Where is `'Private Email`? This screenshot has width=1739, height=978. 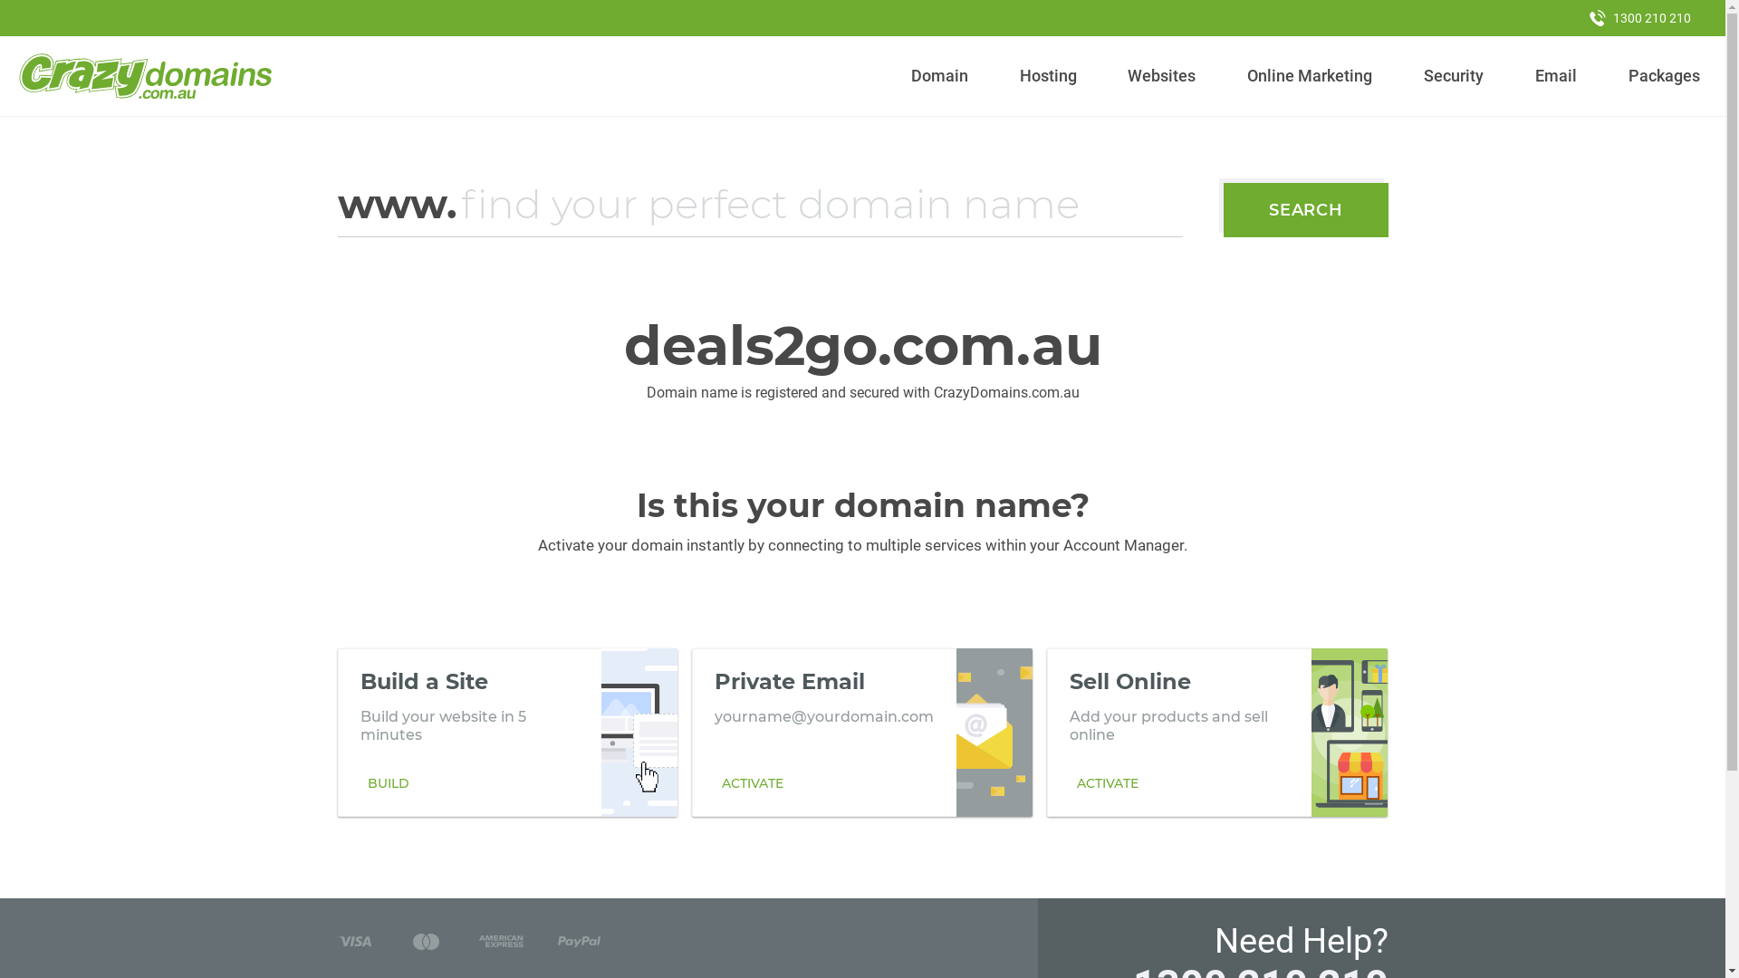 'Private Email is located at coordinates (860, 732).